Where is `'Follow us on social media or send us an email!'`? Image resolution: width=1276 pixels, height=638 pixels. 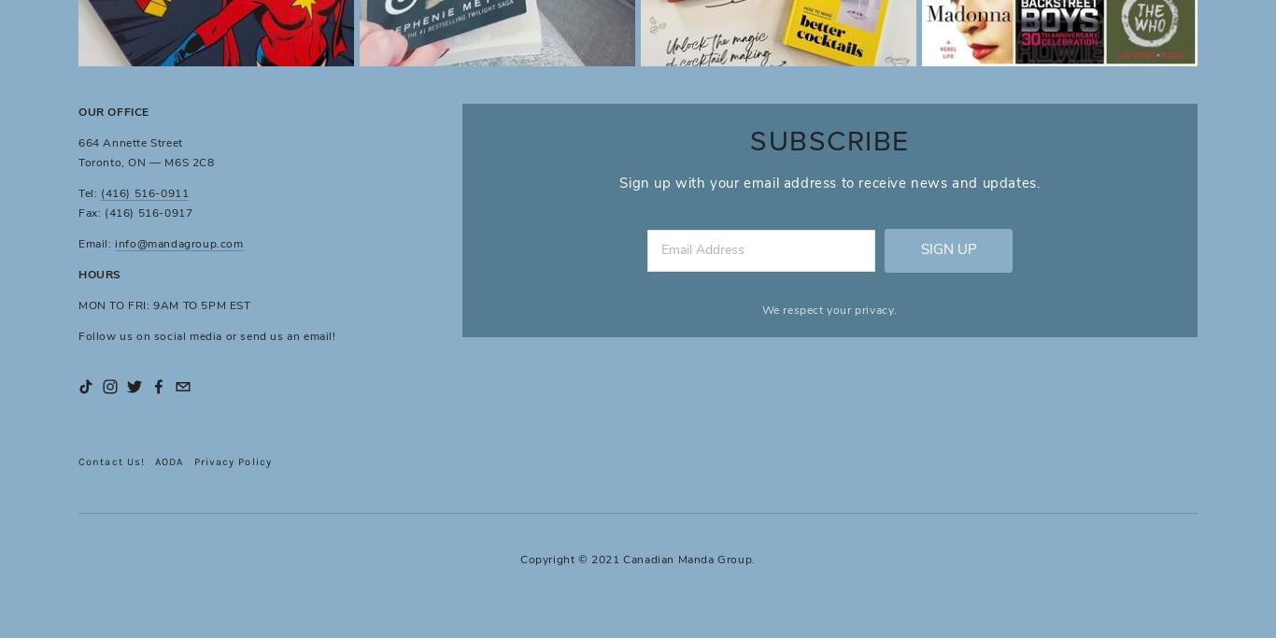 'Follow us on social media or send us an email!' is located at coordinates (206, 336).